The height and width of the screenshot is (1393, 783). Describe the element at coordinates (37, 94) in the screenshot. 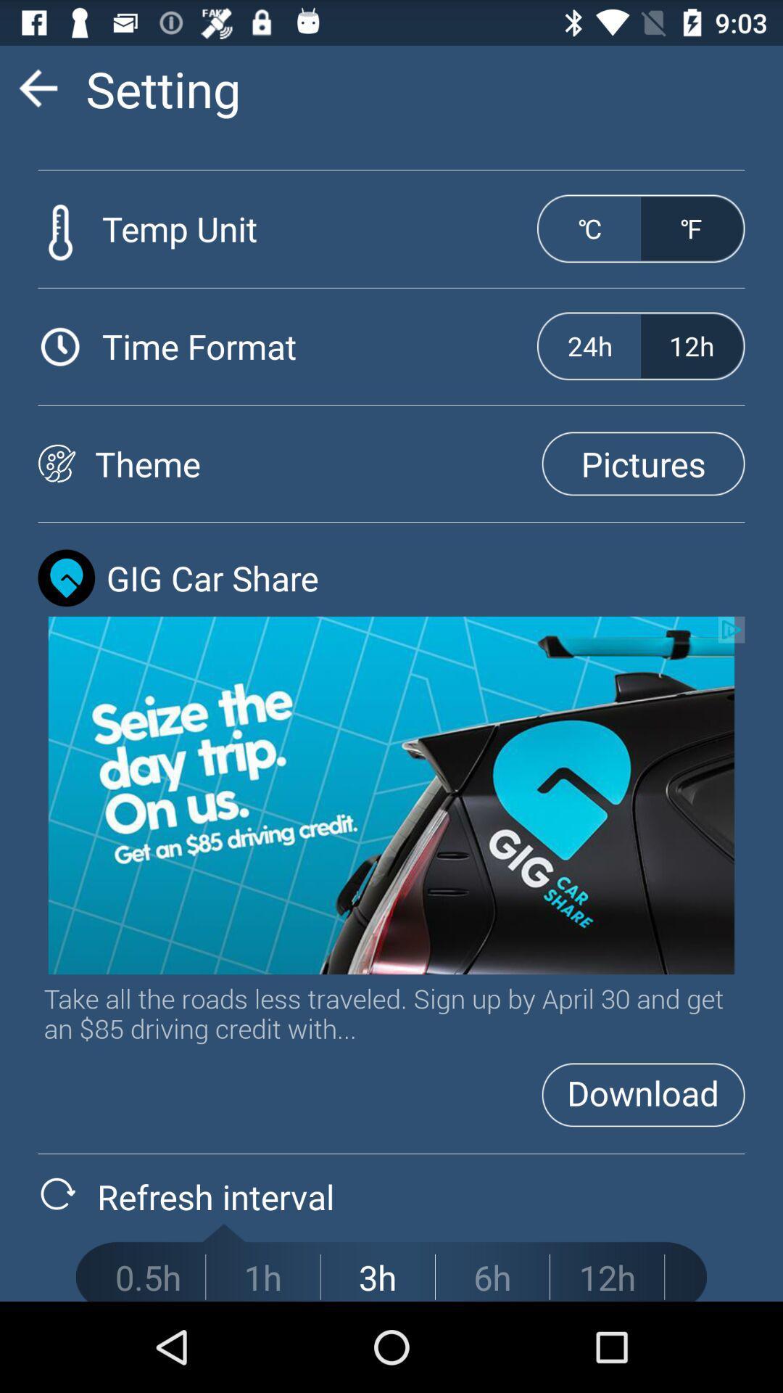

I see `the arrow_backward icon` at that location.